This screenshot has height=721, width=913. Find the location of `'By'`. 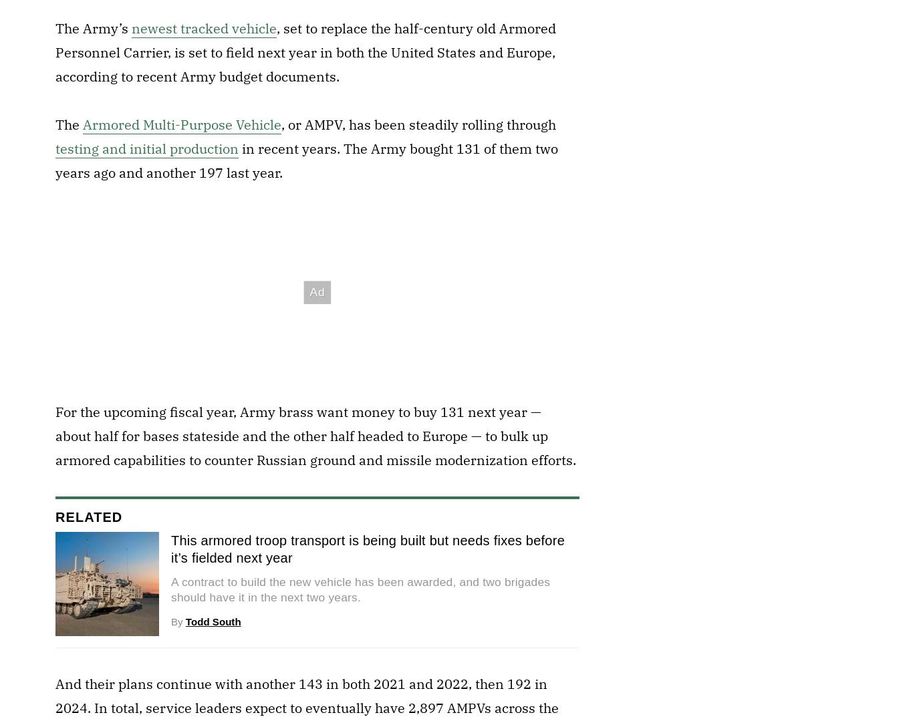

'By' is located at coordinates (176, 621).